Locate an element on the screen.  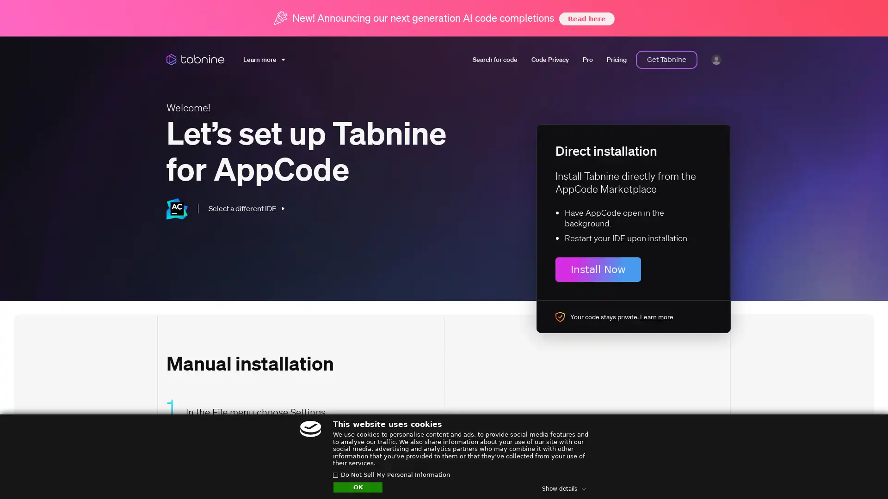
Install Now is located at coordinates (598, 269).